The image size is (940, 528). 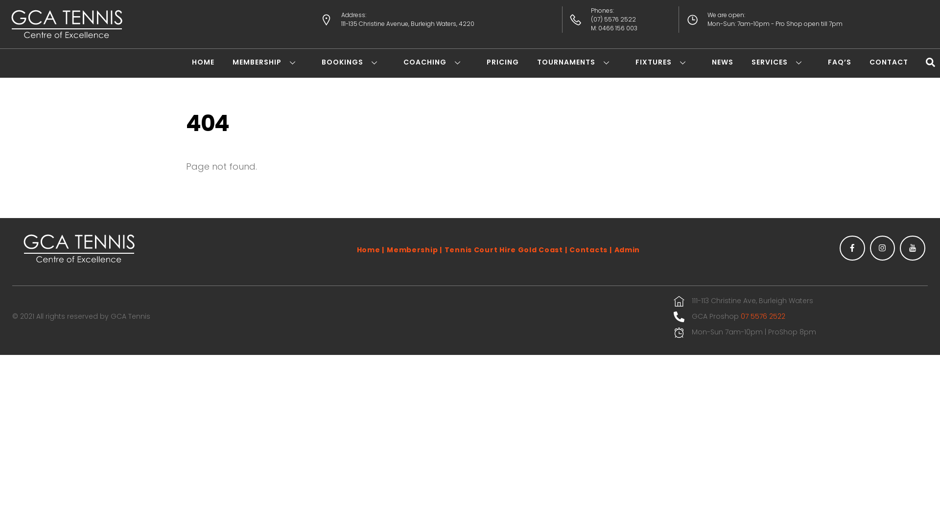 What do you see at coordinates (486, 62) in the screenshot?
I see `'PRICING'` at bounding box center [486, 62].